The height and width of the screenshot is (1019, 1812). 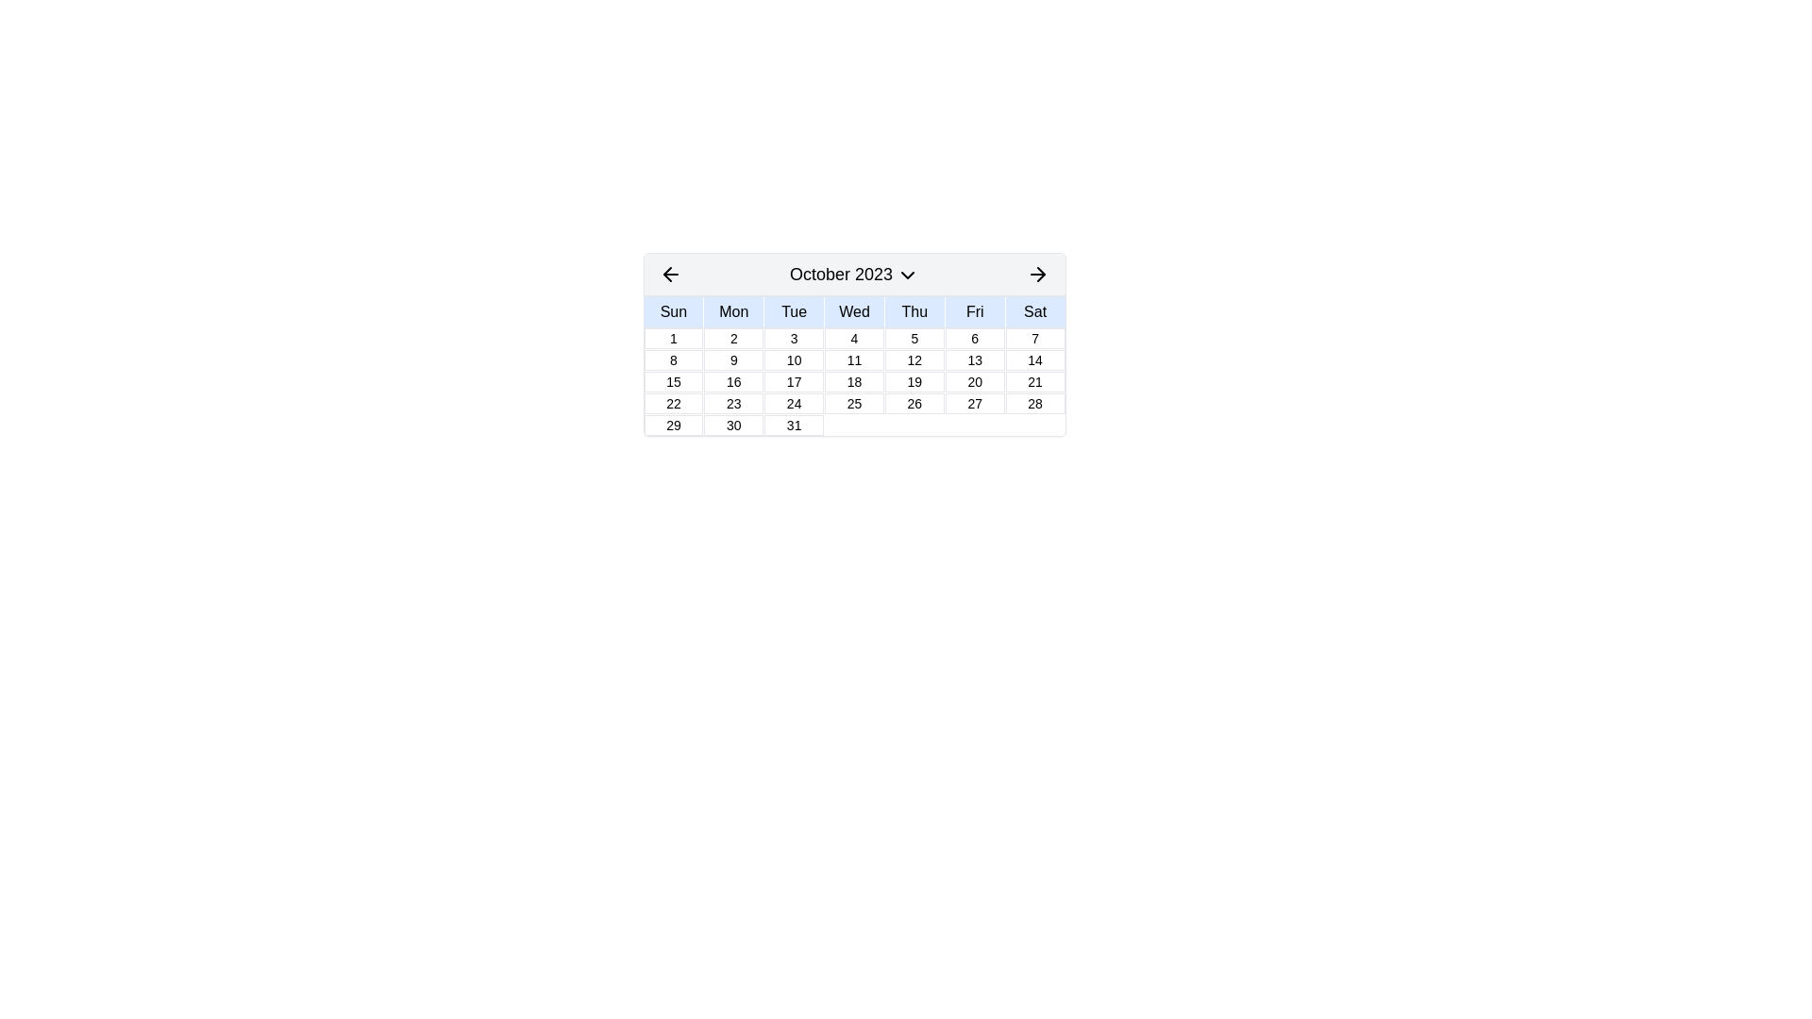 I want to click on the calendar day cell representing Tuesday, October 10th, so click(x=794, y=359).